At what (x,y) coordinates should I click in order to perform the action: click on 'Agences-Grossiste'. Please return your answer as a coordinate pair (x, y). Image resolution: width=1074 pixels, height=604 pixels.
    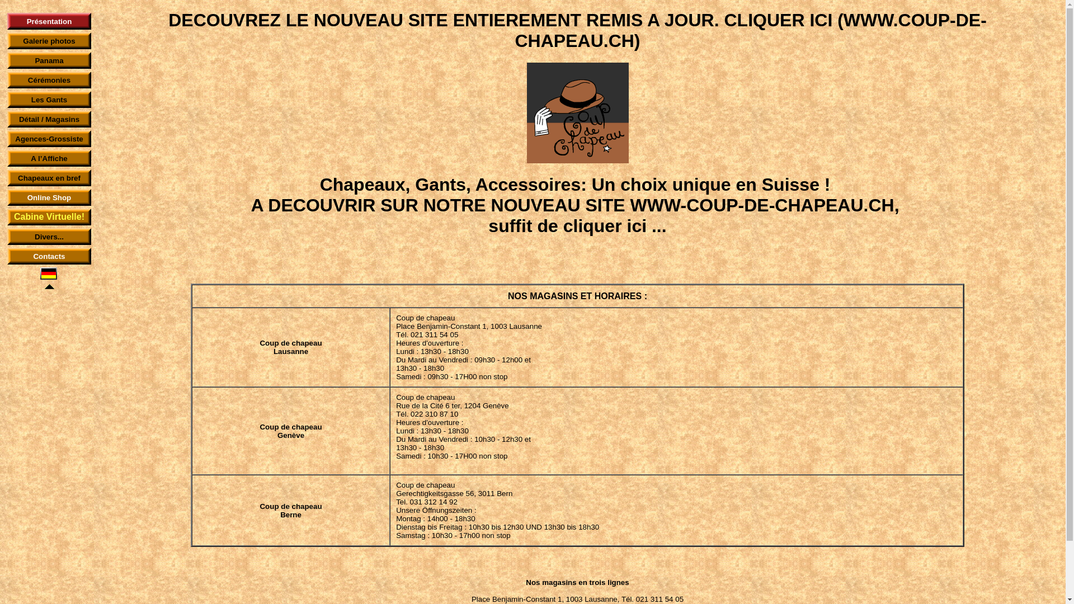
    Looking at the image, I should click on (48, 138).